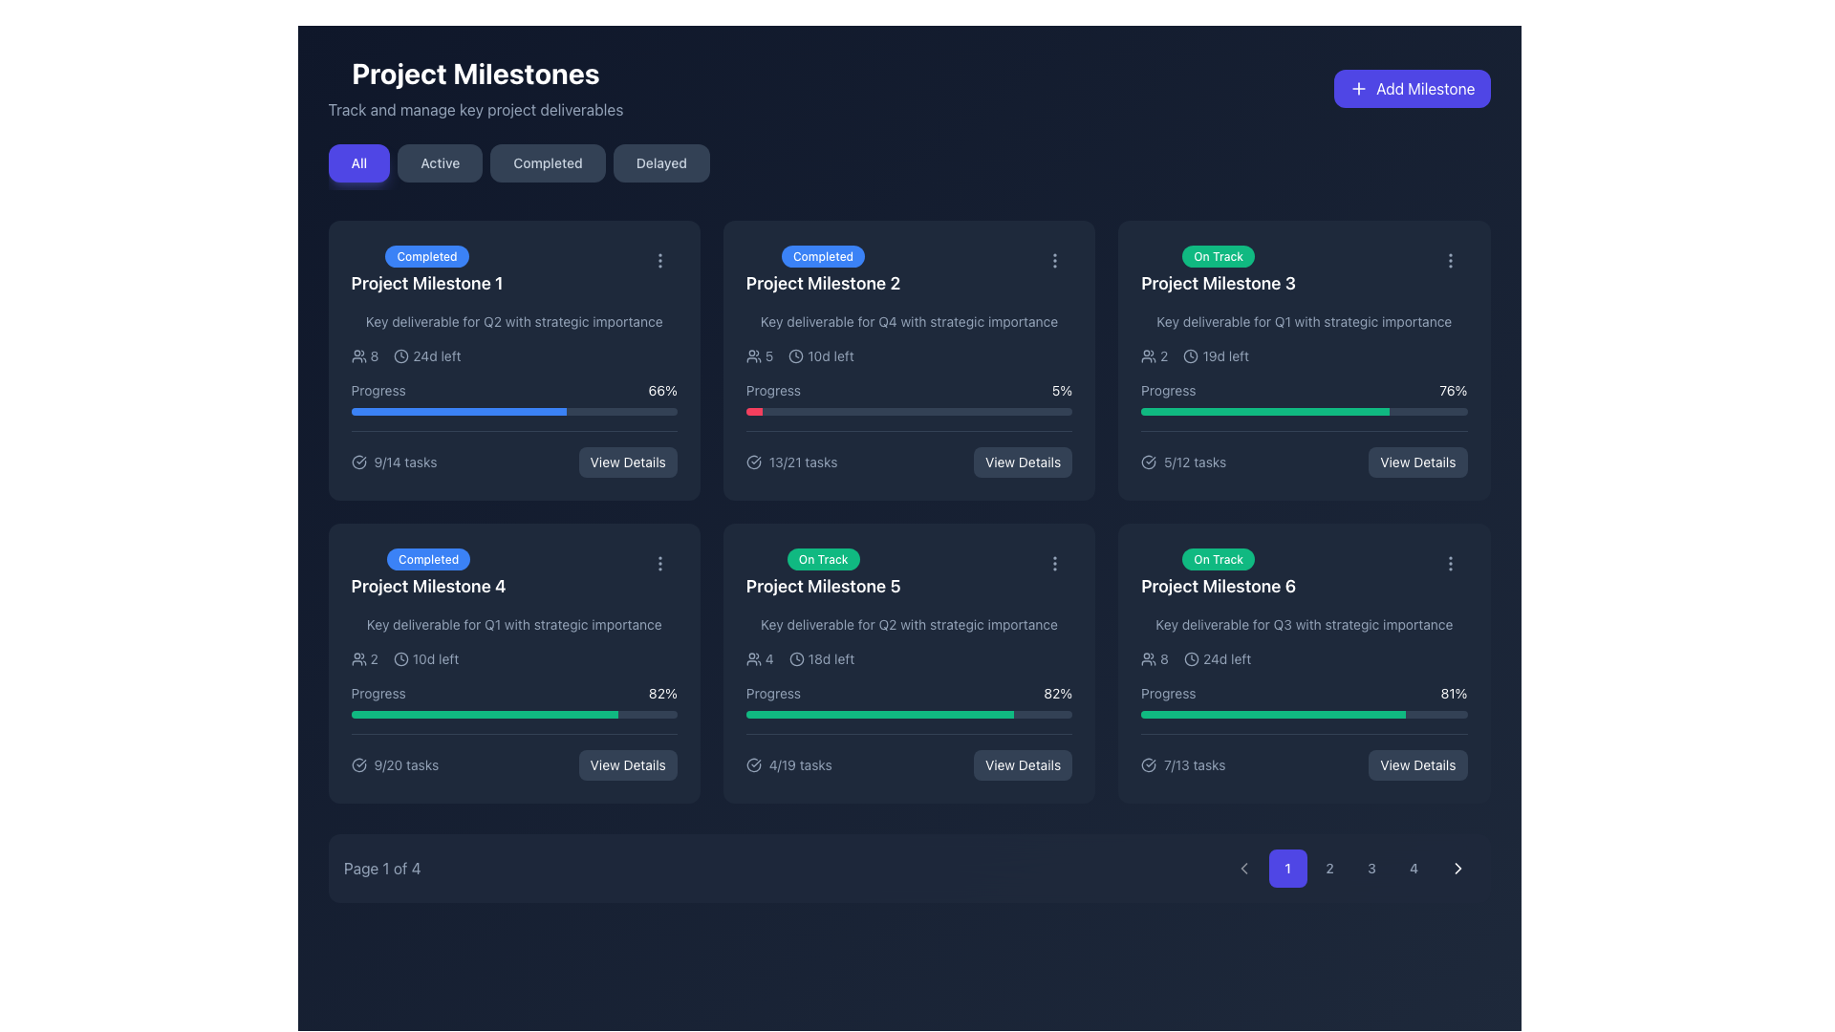  Describe the element at coordinates (1243, 869) in the screenshot. I see `the left-pointing chevron arrow icon located above the '1' pagination button` at that location.